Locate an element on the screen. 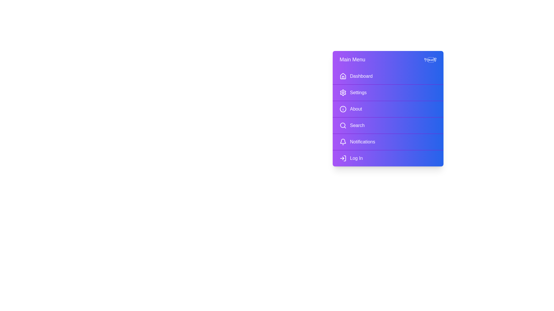 The height and width of the screenshot is (311, 554). the menu item Notifications to navigate is located at coordinates (388, 142).